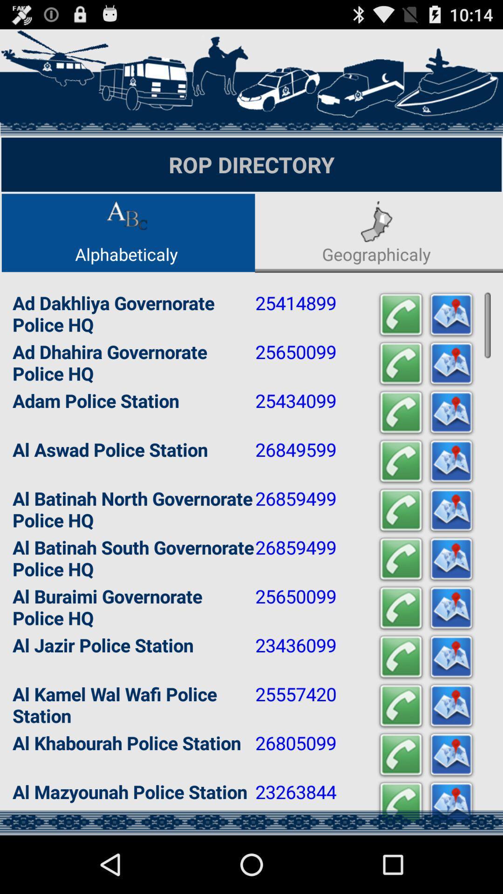  I want to click on call, so click(400, 755).